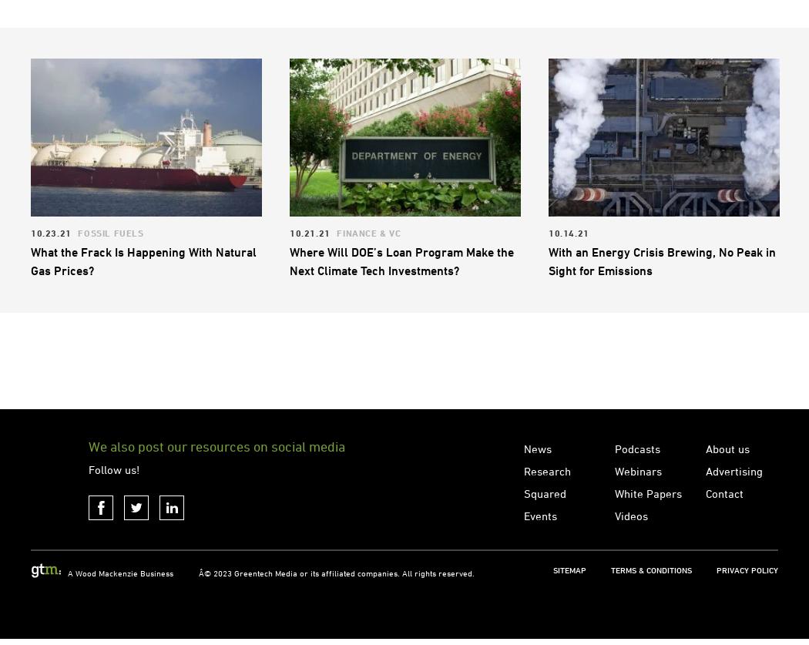 Image resolution: width=809 pixels, height=645 pixels. What do you see at coordinates (336, 294) in the screenshot?
I see `'Finance & VC'` at bounding box center [336, 294].